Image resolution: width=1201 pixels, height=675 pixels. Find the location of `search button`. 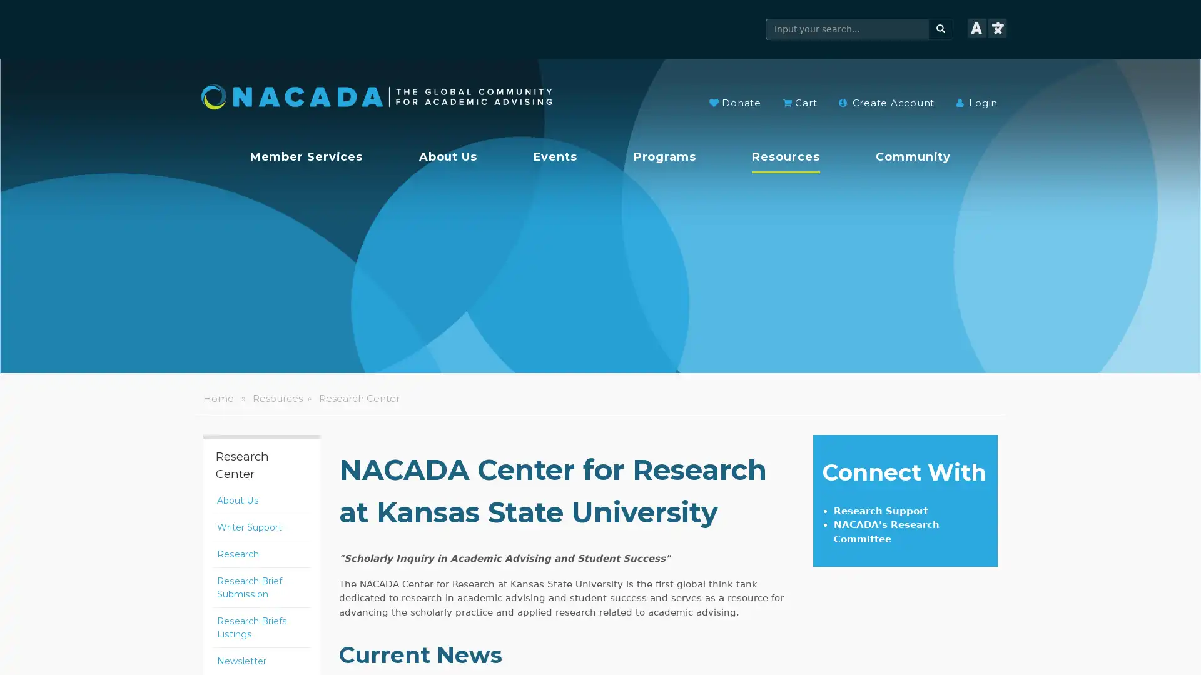

search button is located at coordinates (940, 28).